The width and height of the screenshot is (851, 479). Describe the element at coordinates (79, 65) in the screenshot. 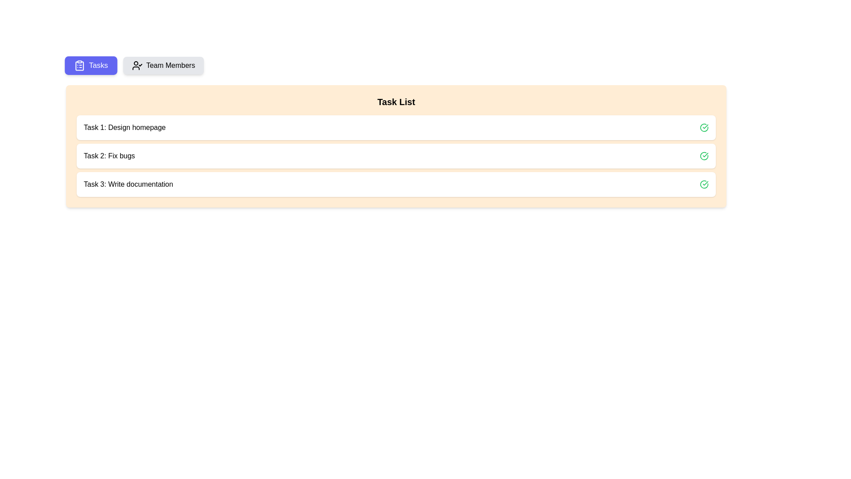

I see `the clipboard icon on the blue rectangular 'Tasks' button located at the top-left area of the interface, which features a white graphic and rounded corners` at that location.